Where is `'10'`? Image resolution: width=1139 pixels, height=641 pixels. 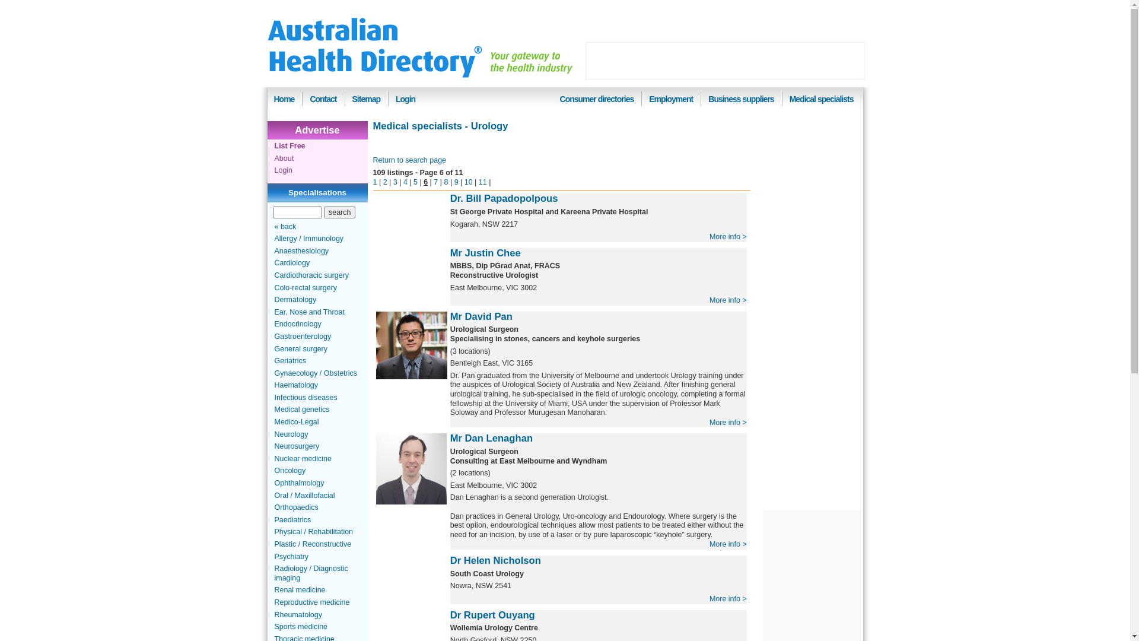
'10' is located at coordinates (468, 182).